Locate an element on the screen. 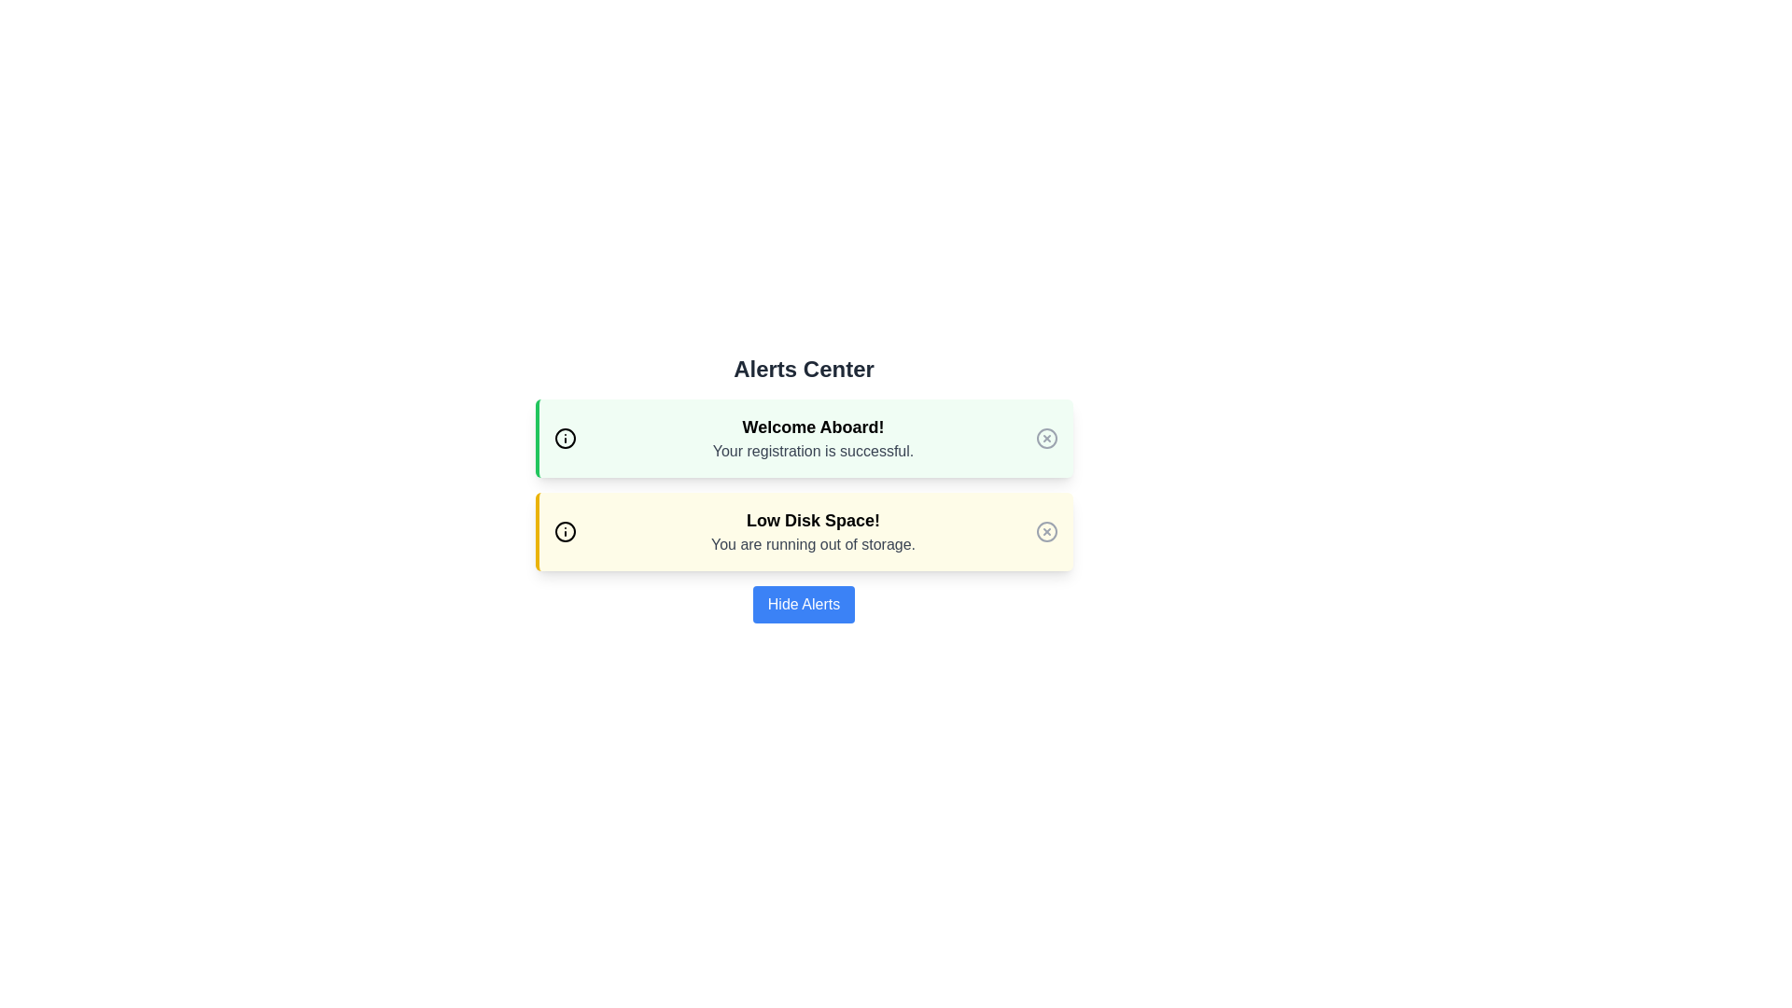  the close button located at the top-right corner of the 'Low Disk Space!' notification box is located at coordinates (1046, 532).